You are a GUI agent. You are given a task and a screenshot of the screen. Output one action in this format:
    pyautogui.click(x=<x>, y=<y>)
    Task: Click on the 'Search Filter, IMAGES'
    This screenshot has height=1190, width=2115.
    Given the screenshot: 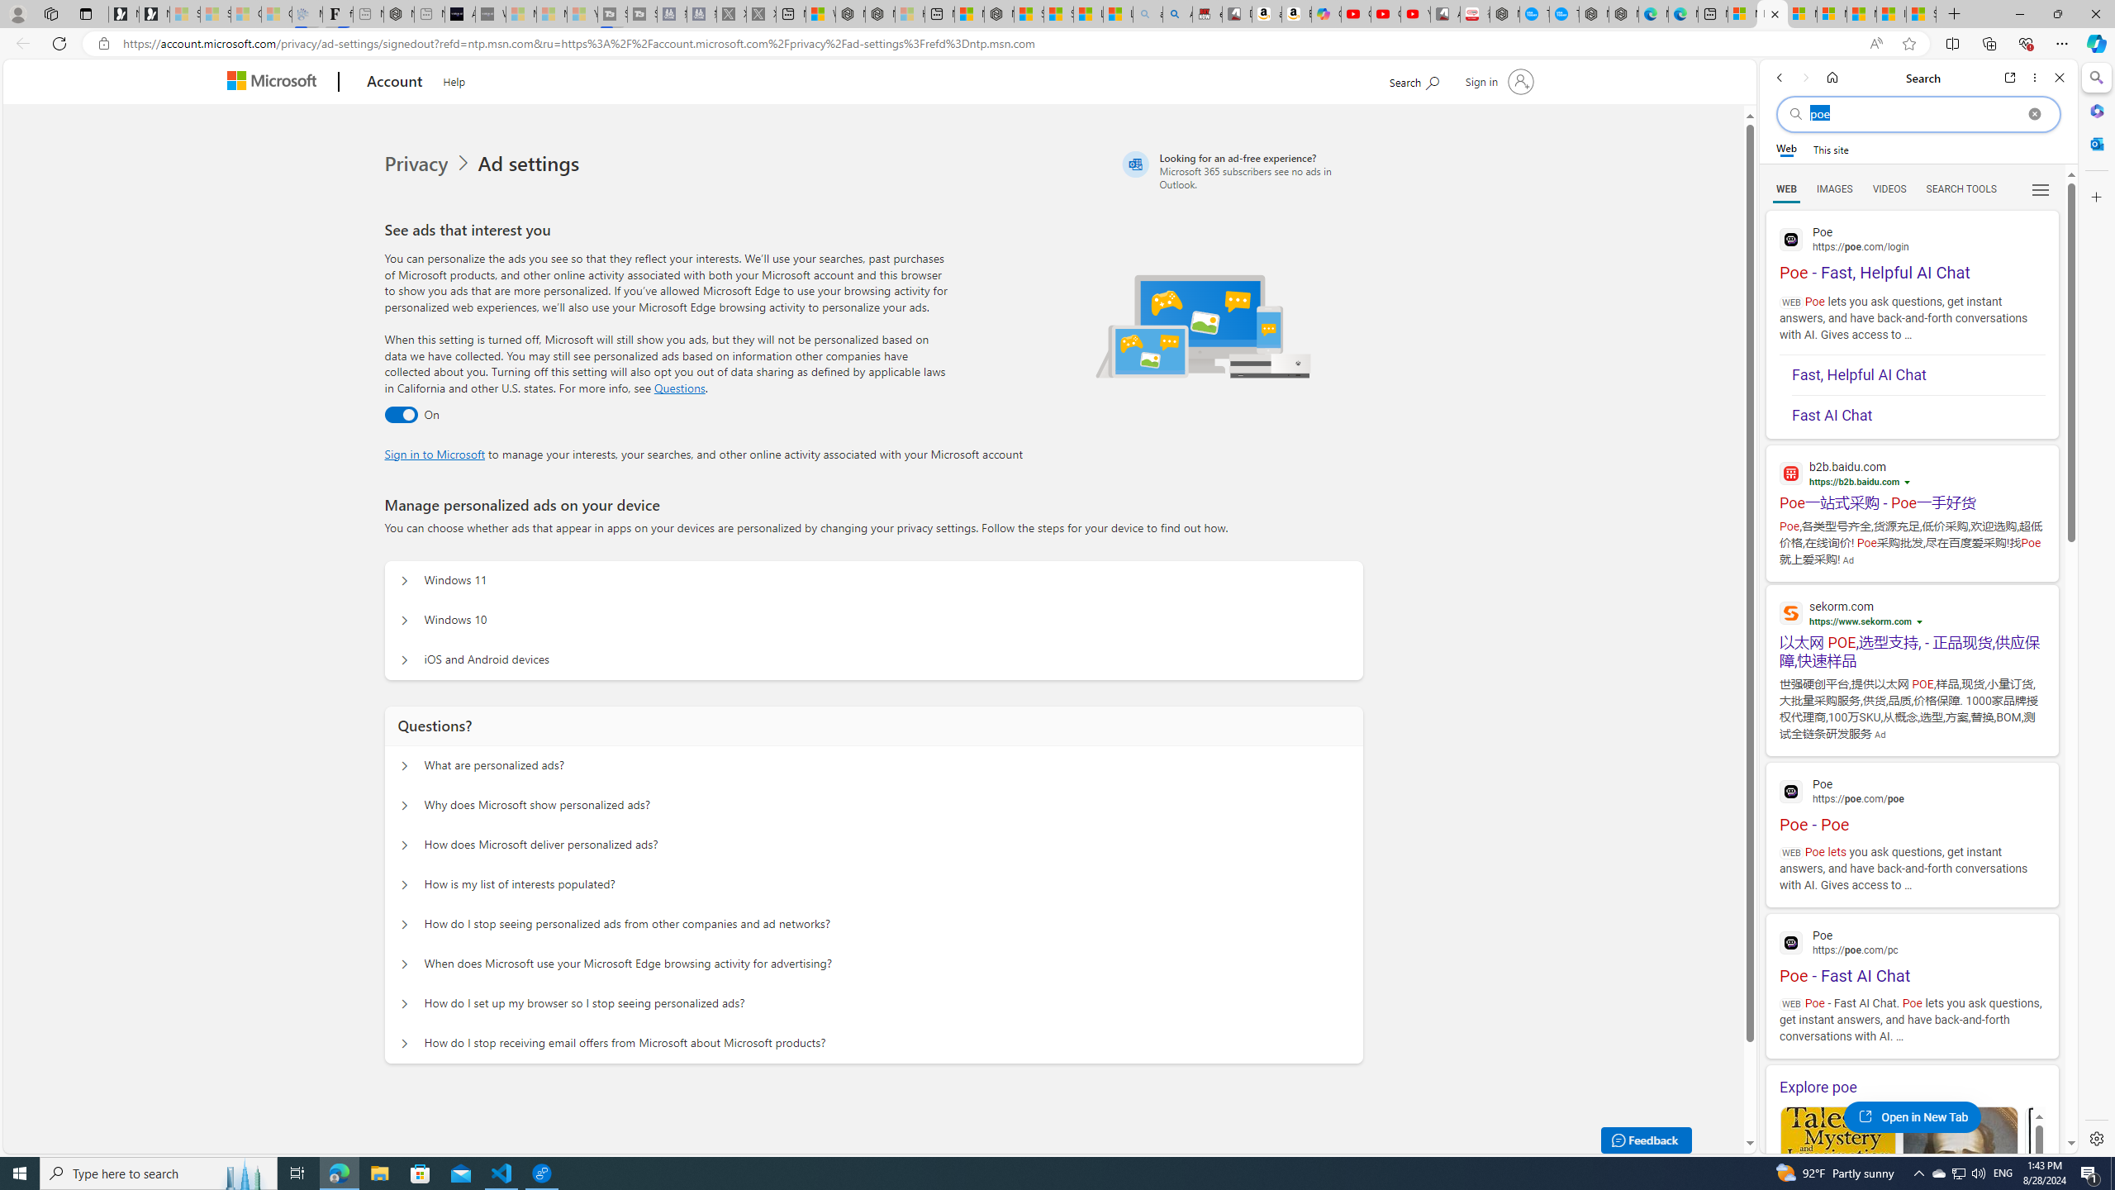 What is the action you would take?
    pyautogui.click(x=1833, y=188)
    